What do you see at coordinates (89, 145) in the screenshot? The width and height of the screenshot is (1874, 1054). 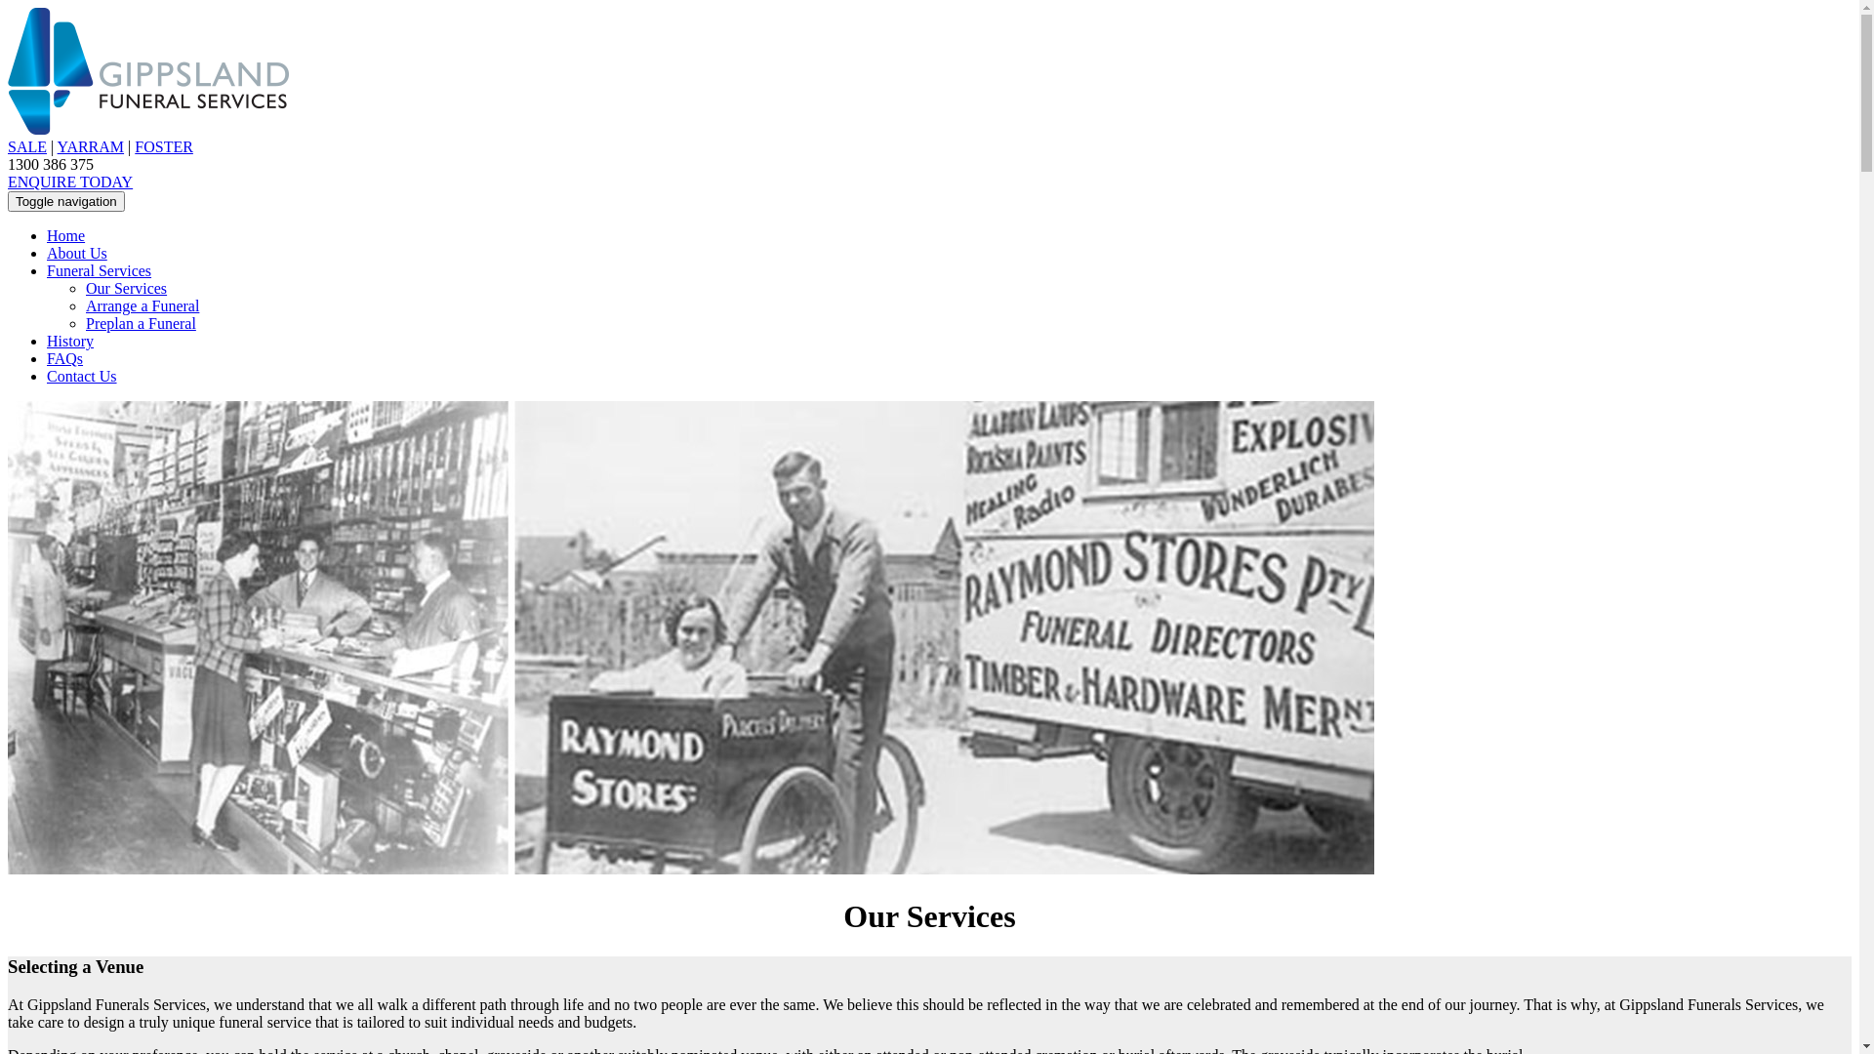 I see `'YARRAM'` at bounding box center [89, 145].